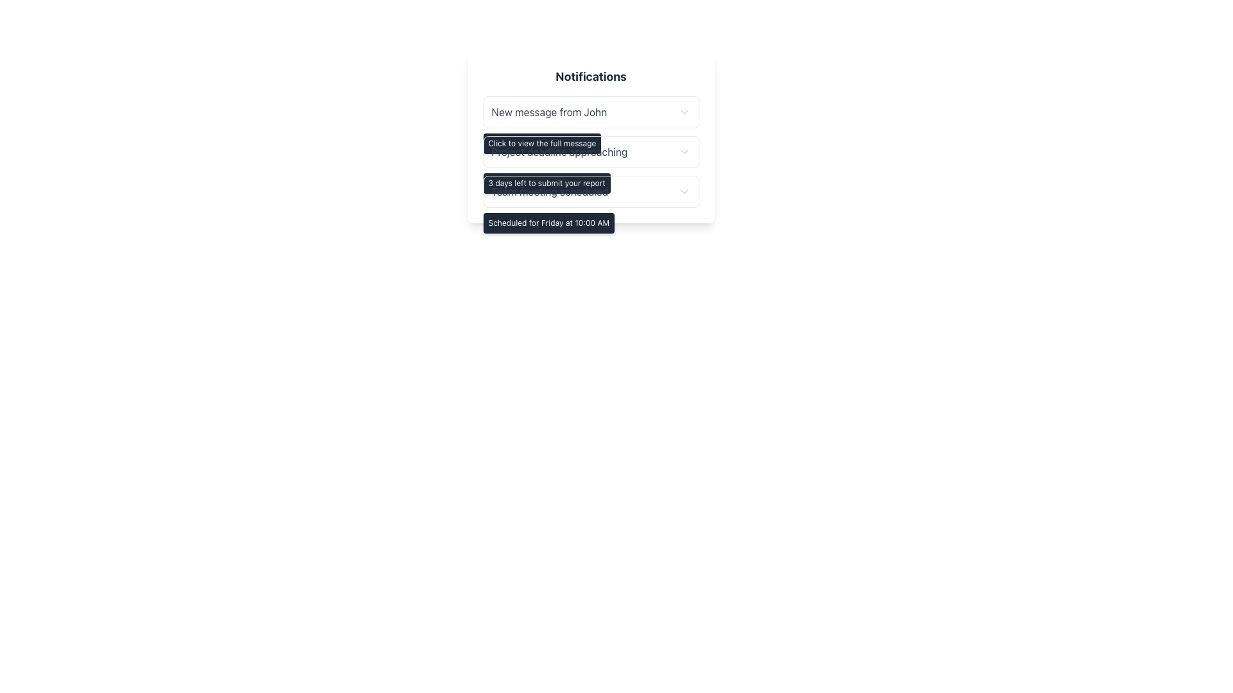 This screenshot has height=693, width=1233. Describe the element at coordinates (590, 192) in the screenshot. I see `the notification item related to the scheduled team meeting` at that location.